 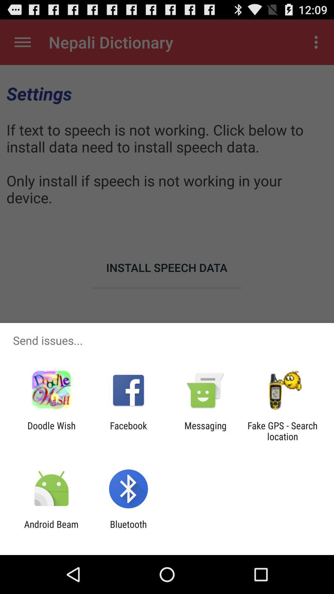 What do you see at coordinates (128, 529) in the screenshot?
I see `the app to the right of the android beam item` at bounding box center [128, 529].